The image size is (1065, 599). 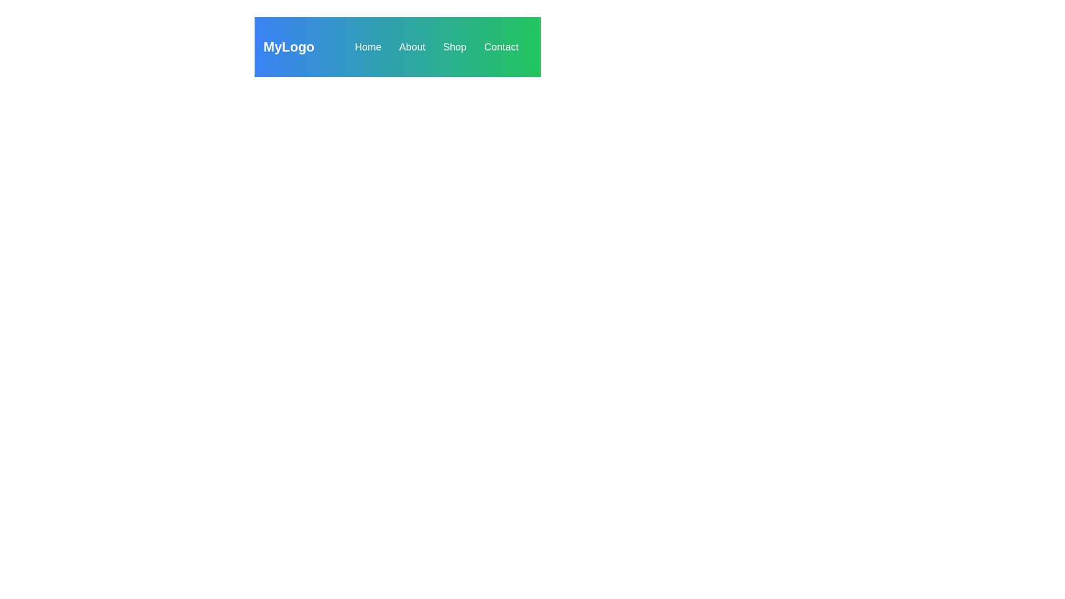 I want to click on the hyperlink that navigates to the 'About' section of the website to observe a style change, so click(x=412, y=46).